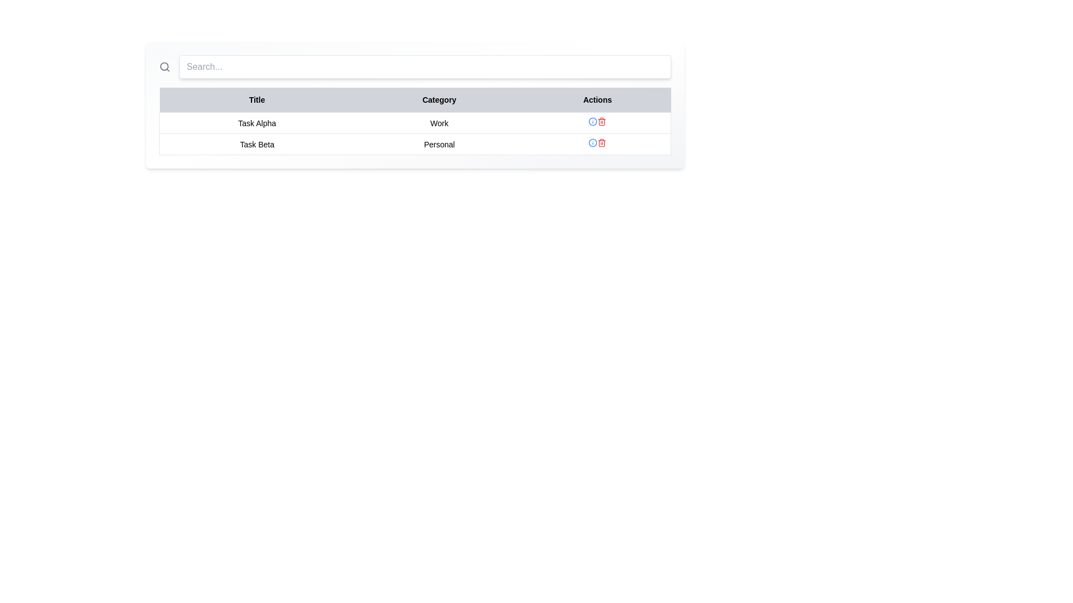  I want to click on the trash bin icon button in the 'Actions' column of the second row, so click(601, 142).